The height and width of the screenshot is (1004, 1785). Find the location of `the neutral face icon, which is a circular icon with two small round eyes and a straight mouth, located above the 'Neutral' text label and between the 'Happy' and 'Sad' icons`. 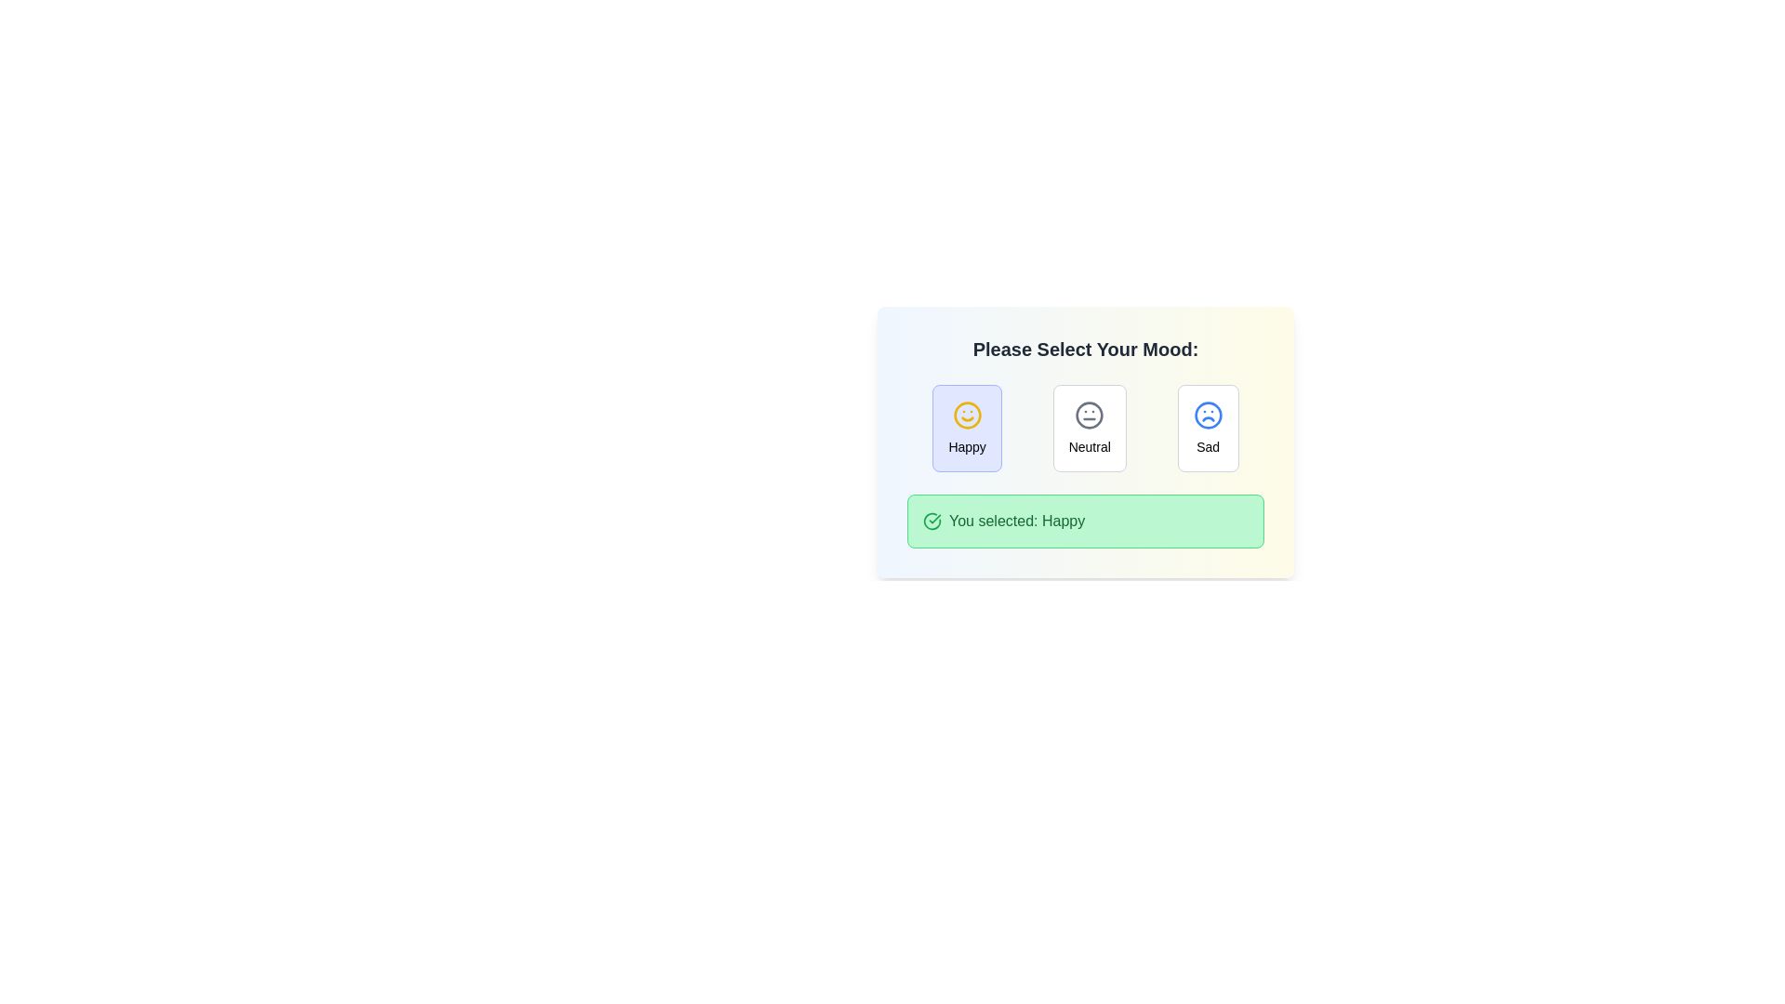

the neutral face icon, which is a circular icon with two small round eyes and a straight mouth, located above the 'Neutral' text label and between the 'Happy' and 'Sad' icons is located at coordinates (1090, 415).